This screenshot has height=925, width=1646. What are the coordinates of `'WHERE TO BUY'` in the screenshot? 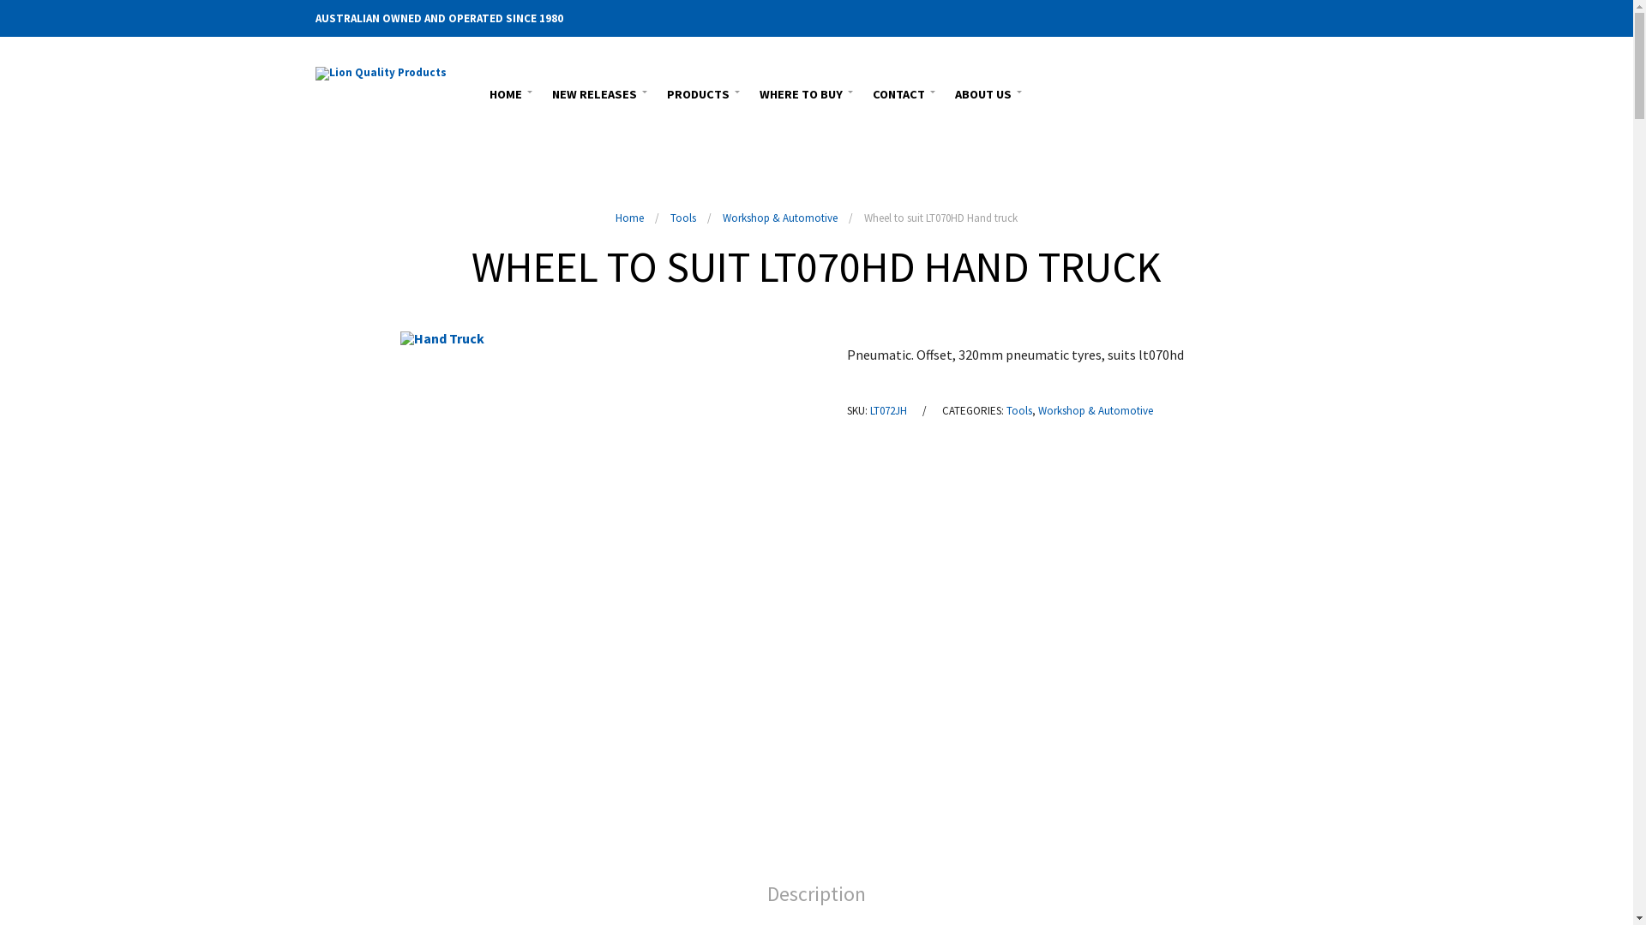 It's located at (802, 92).